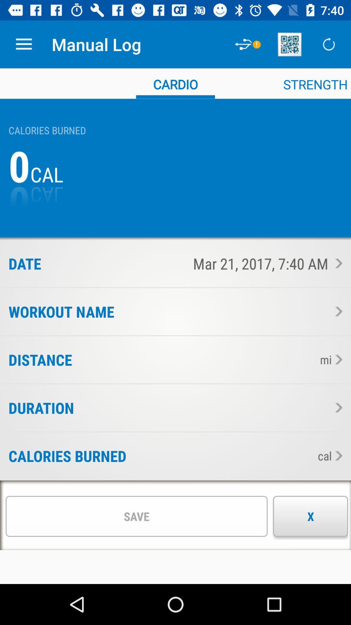  I want to click on this section, so click(337, 407).